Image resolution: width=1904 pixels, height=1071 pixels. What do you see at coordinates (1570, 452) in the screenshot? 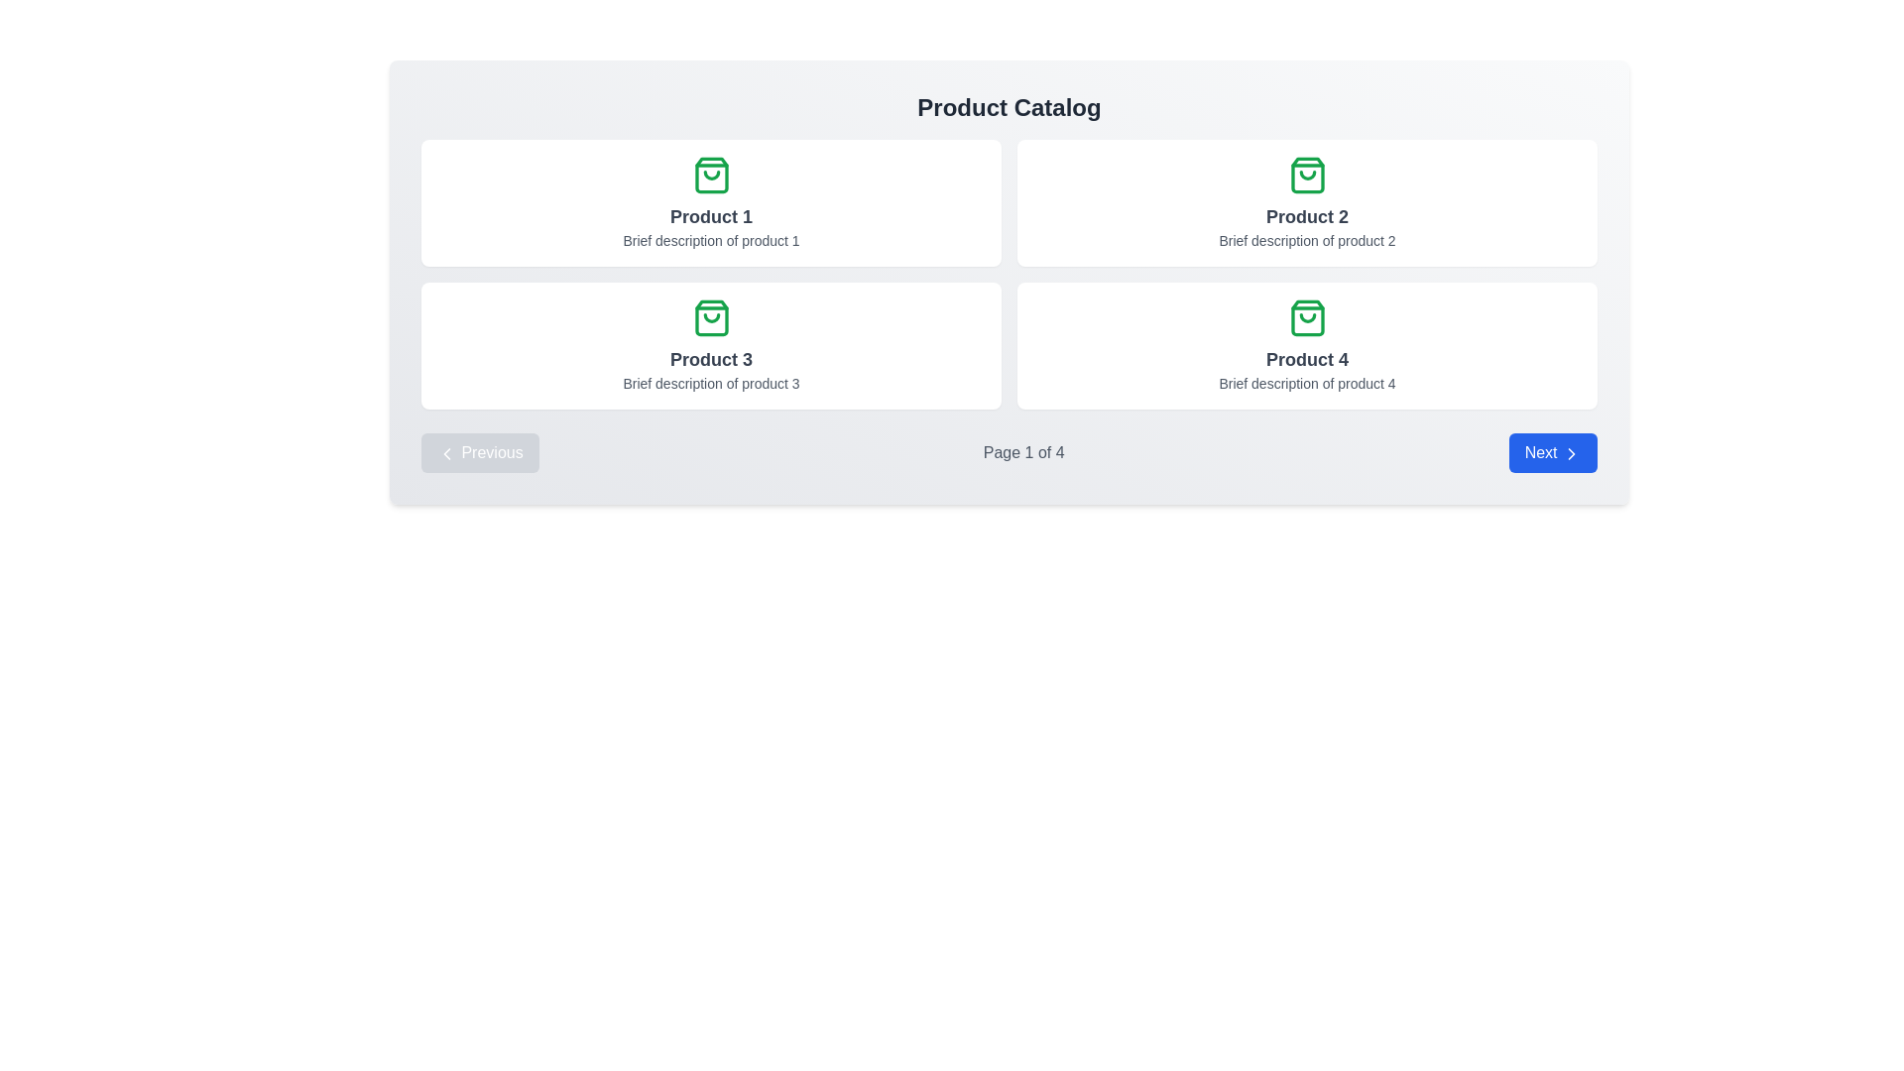
I see `the right-pointing chevron icon within the blue 'Next' button located at the bottom-right corner of the interface` at bounding box center [1570, 452].